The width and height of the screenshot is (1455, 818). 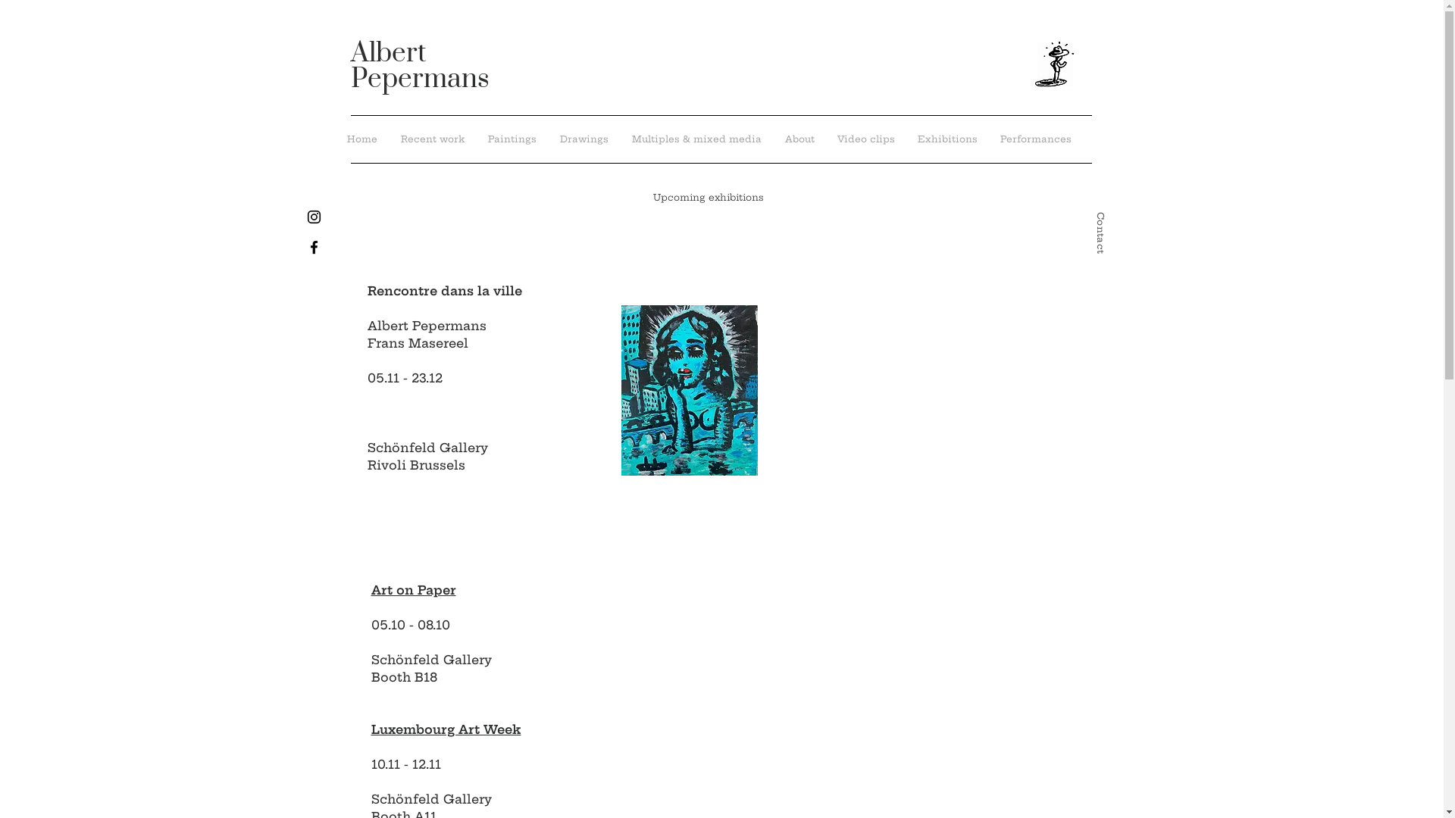 I want to click on 'Performances', so click(x=1034, y=139).